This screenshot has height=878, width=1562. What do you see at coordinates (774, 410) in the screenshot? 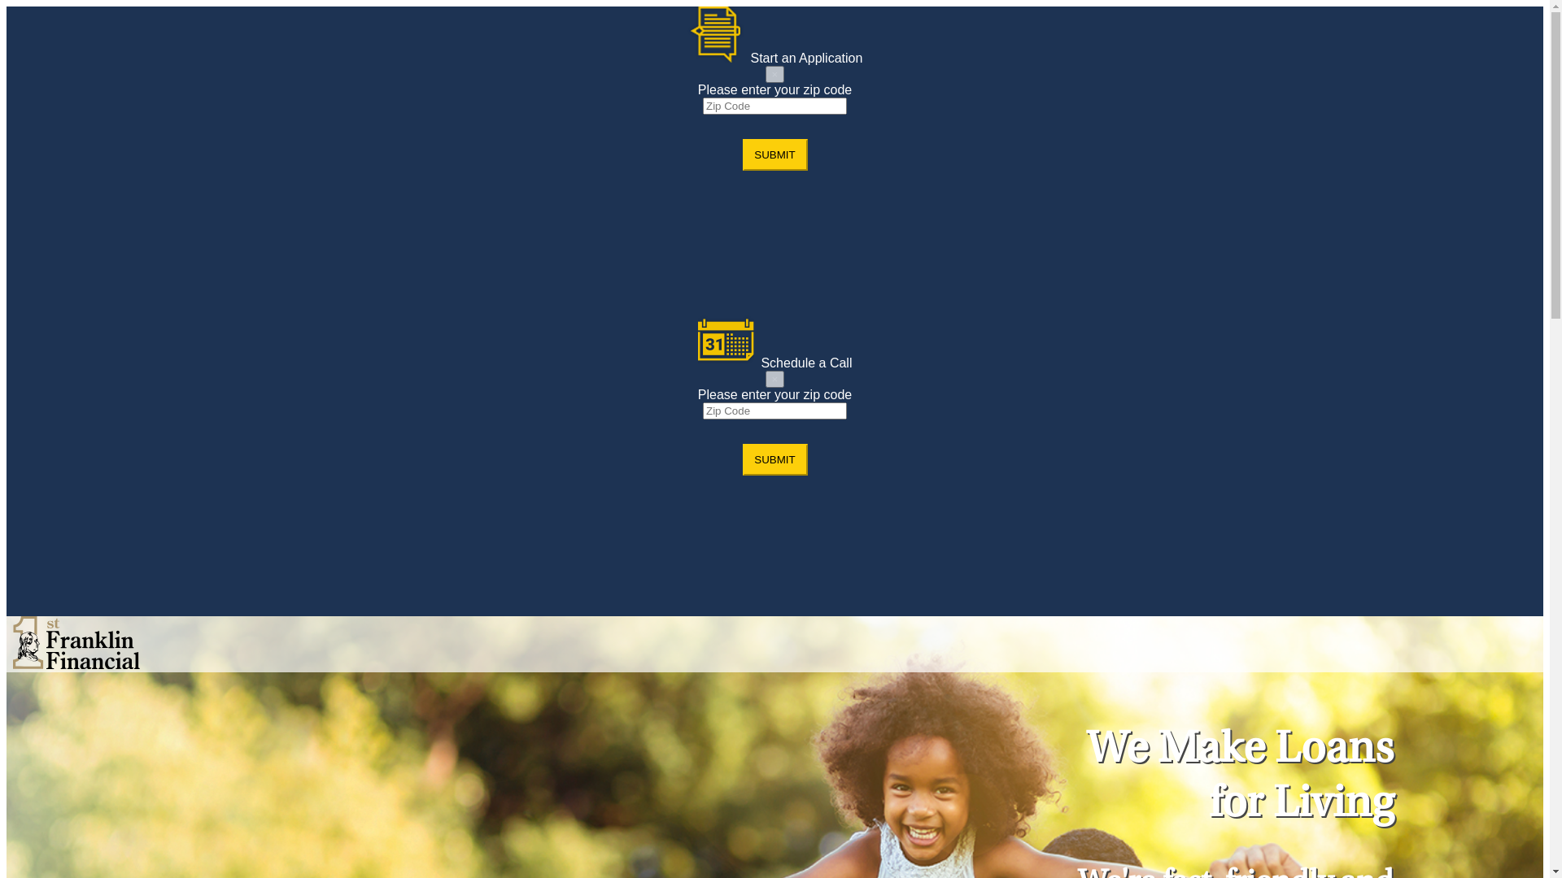
I see `' US Zip Code'` at bounding box center [774, 410].